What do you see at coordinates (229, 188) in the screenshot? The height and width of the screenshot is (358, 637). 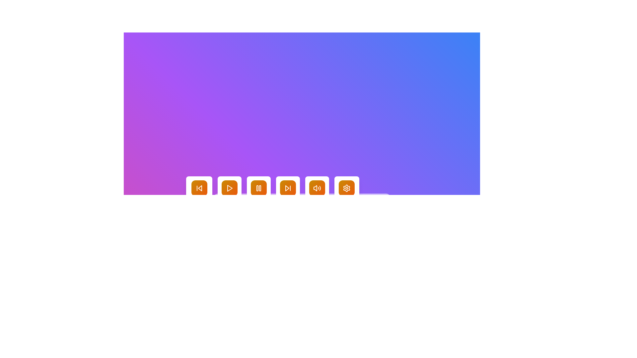 I see `the play button, which is a rectangular icon with rounded corners, filled with a yellow to orange gradient and a white play triangle centered within it` at bounding box center [229, 188].